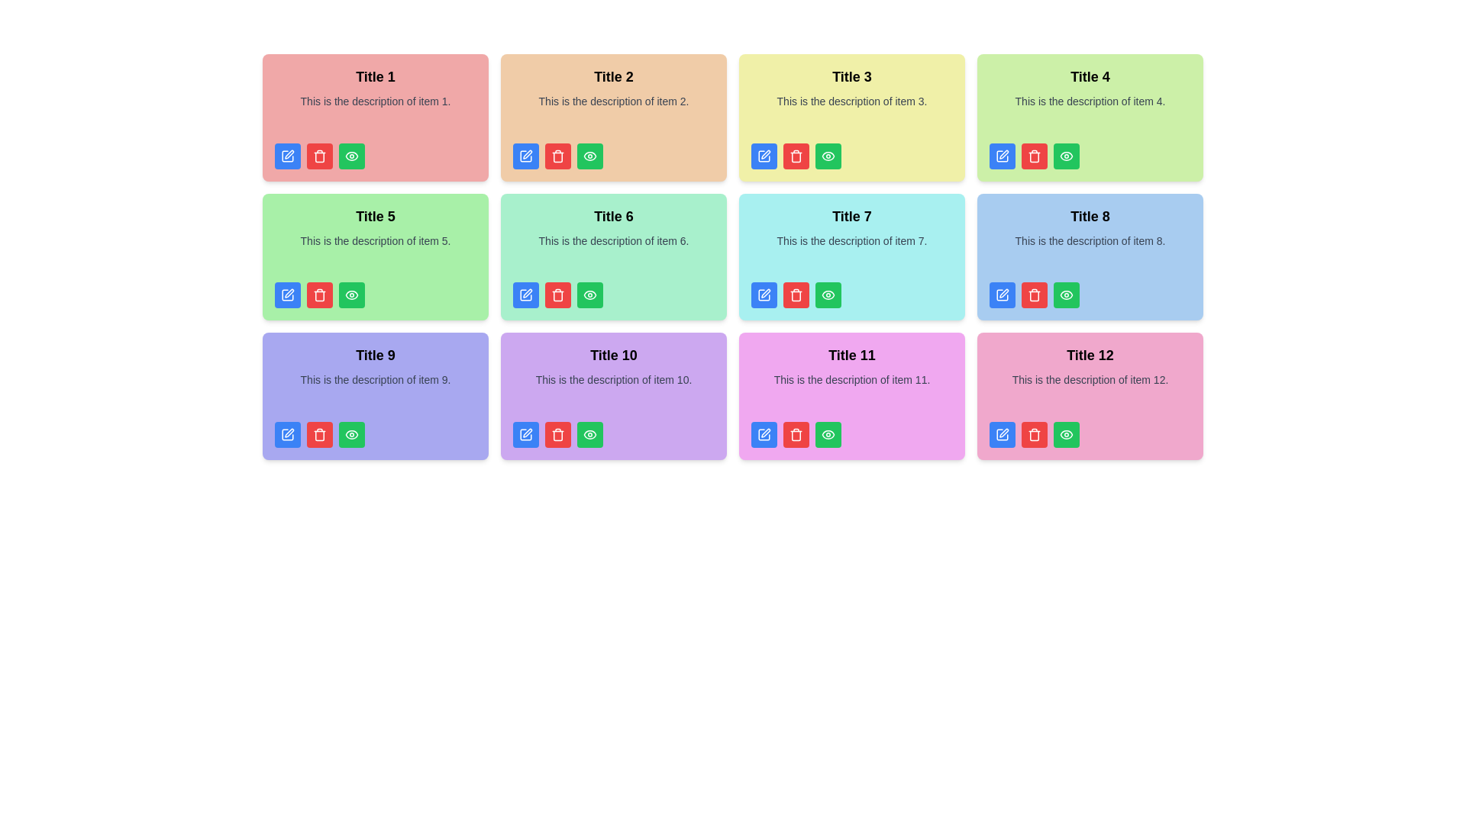 The image size is (1466, 824). I want to click on the outer oval shape of the eye icon, which is located within the light orange card labeled 'Title 2', so click(589, 156).